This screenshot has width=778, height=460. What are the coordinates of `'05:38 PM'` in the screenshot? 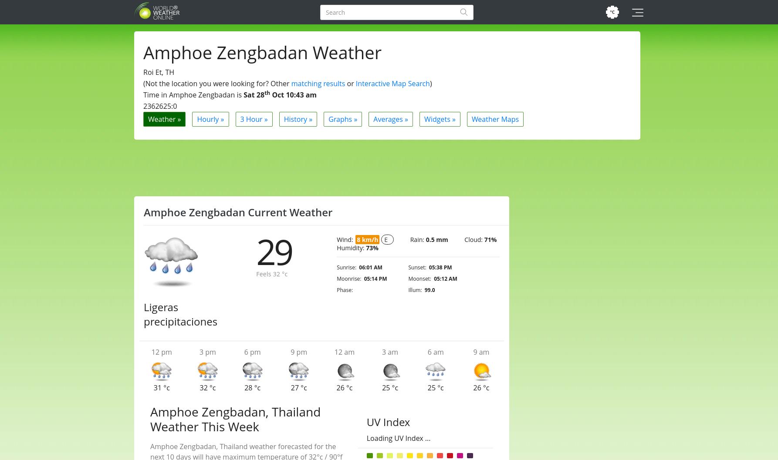 It's located at (429, 267).